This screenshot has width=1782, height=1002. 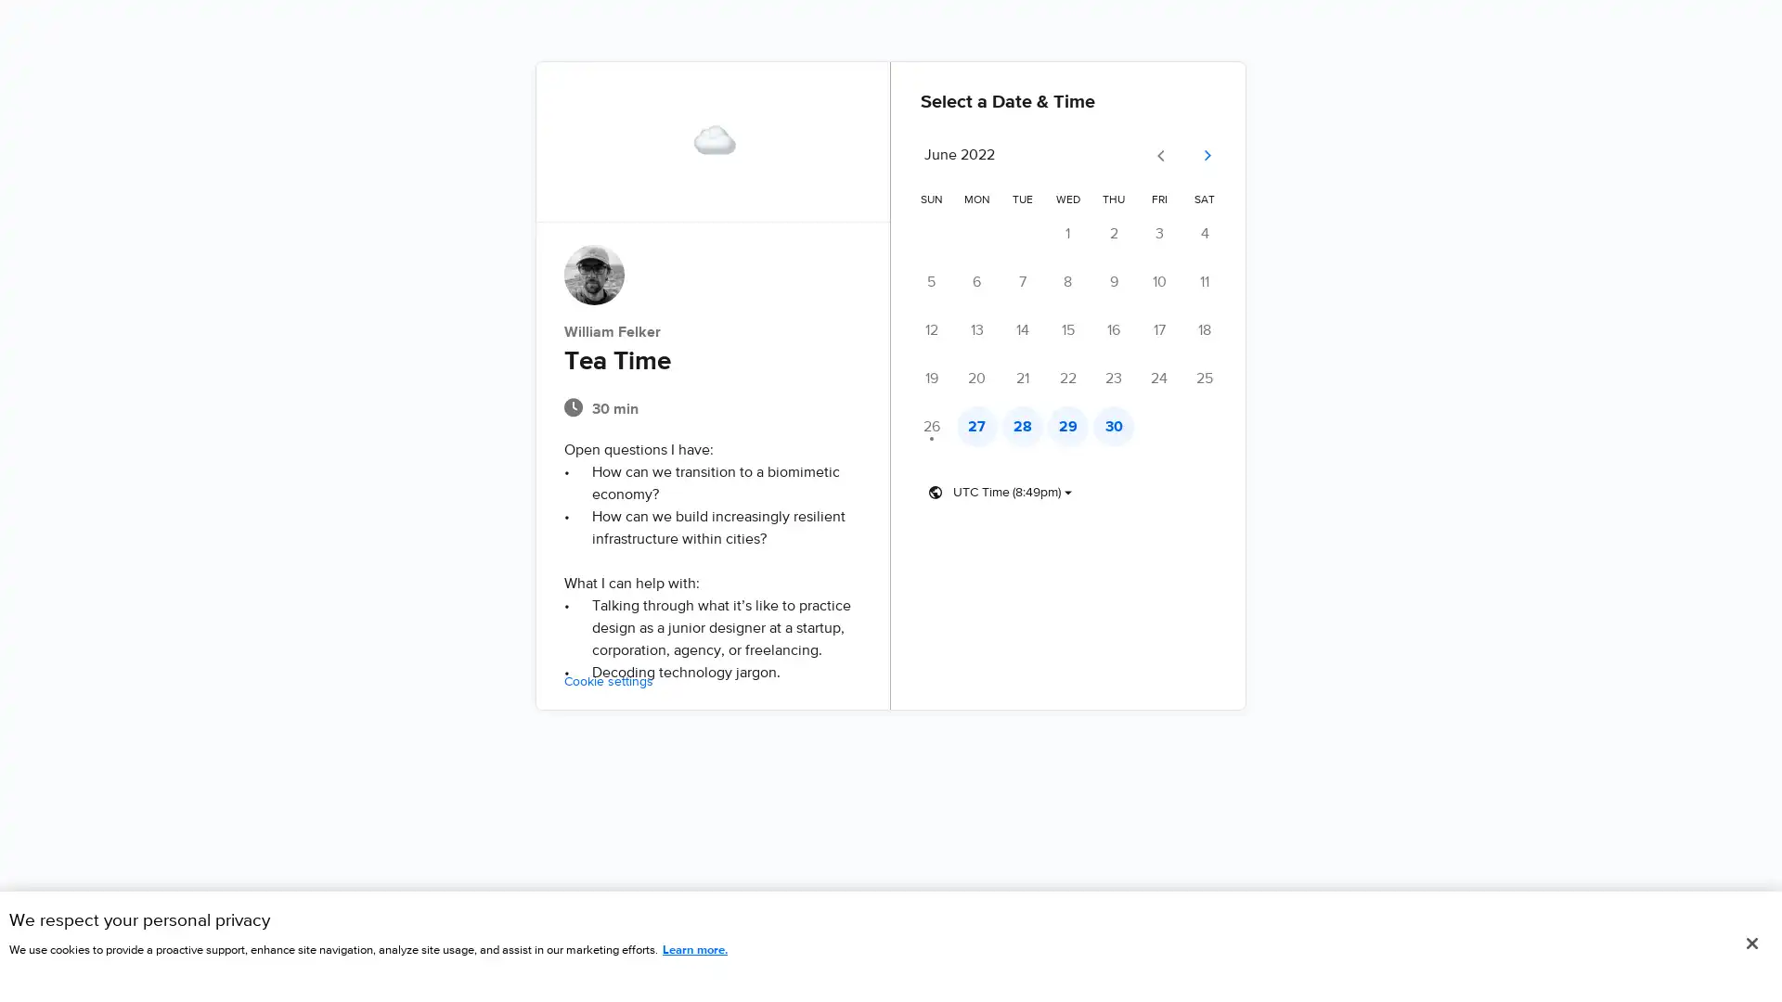 I want to click on Saturday, June 25 - No times available, so click(x=1220, y=378).